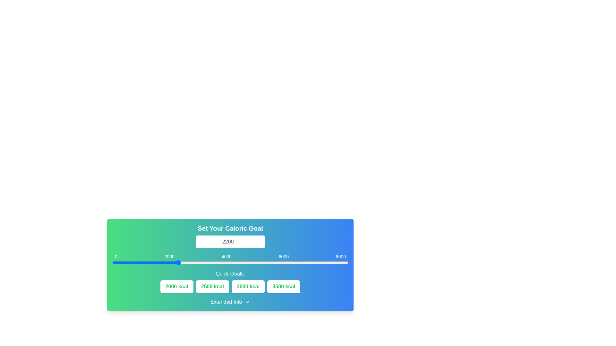 This screenshot has width=616, height=346. I want to click on the calorie goal, so click(129, 263).